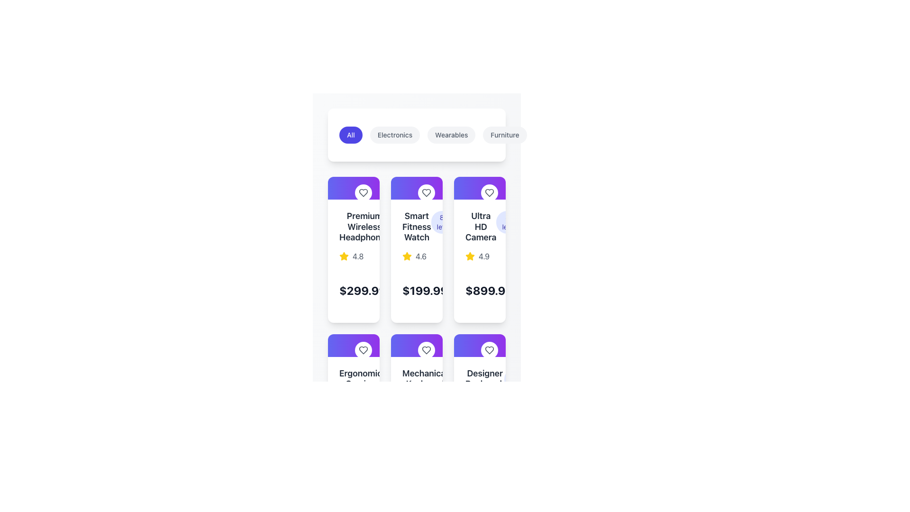 This screenshot has height=512, width=910. I want to click on the text label 'Premium Wireless Headphones' which is styled in a bold, large font and is part of the first product card in a grid layout, so click(364, 227).